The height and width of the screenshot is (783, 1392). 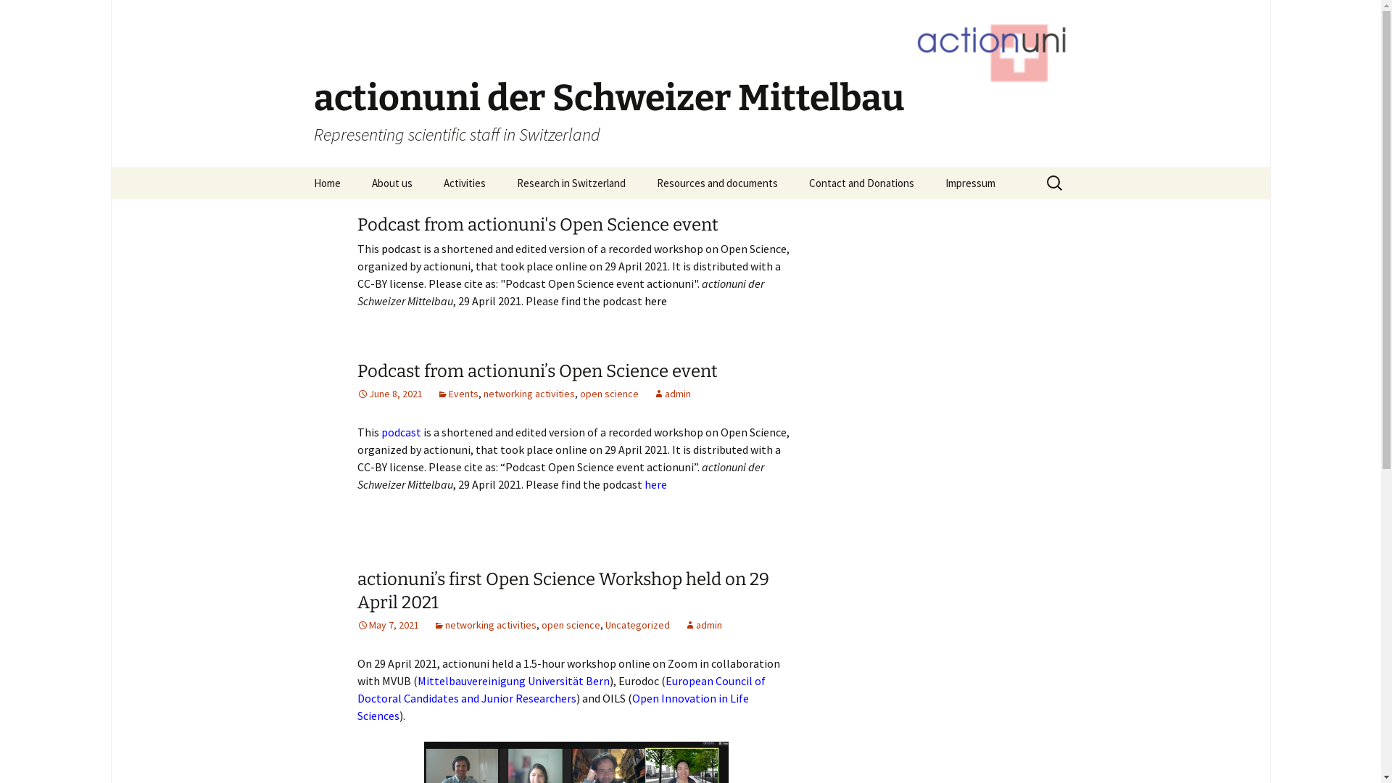 What do you see at coordinates (642, 182) in the screenshot?
I see `'Resources and documents'` at bounding box center [642, 182].